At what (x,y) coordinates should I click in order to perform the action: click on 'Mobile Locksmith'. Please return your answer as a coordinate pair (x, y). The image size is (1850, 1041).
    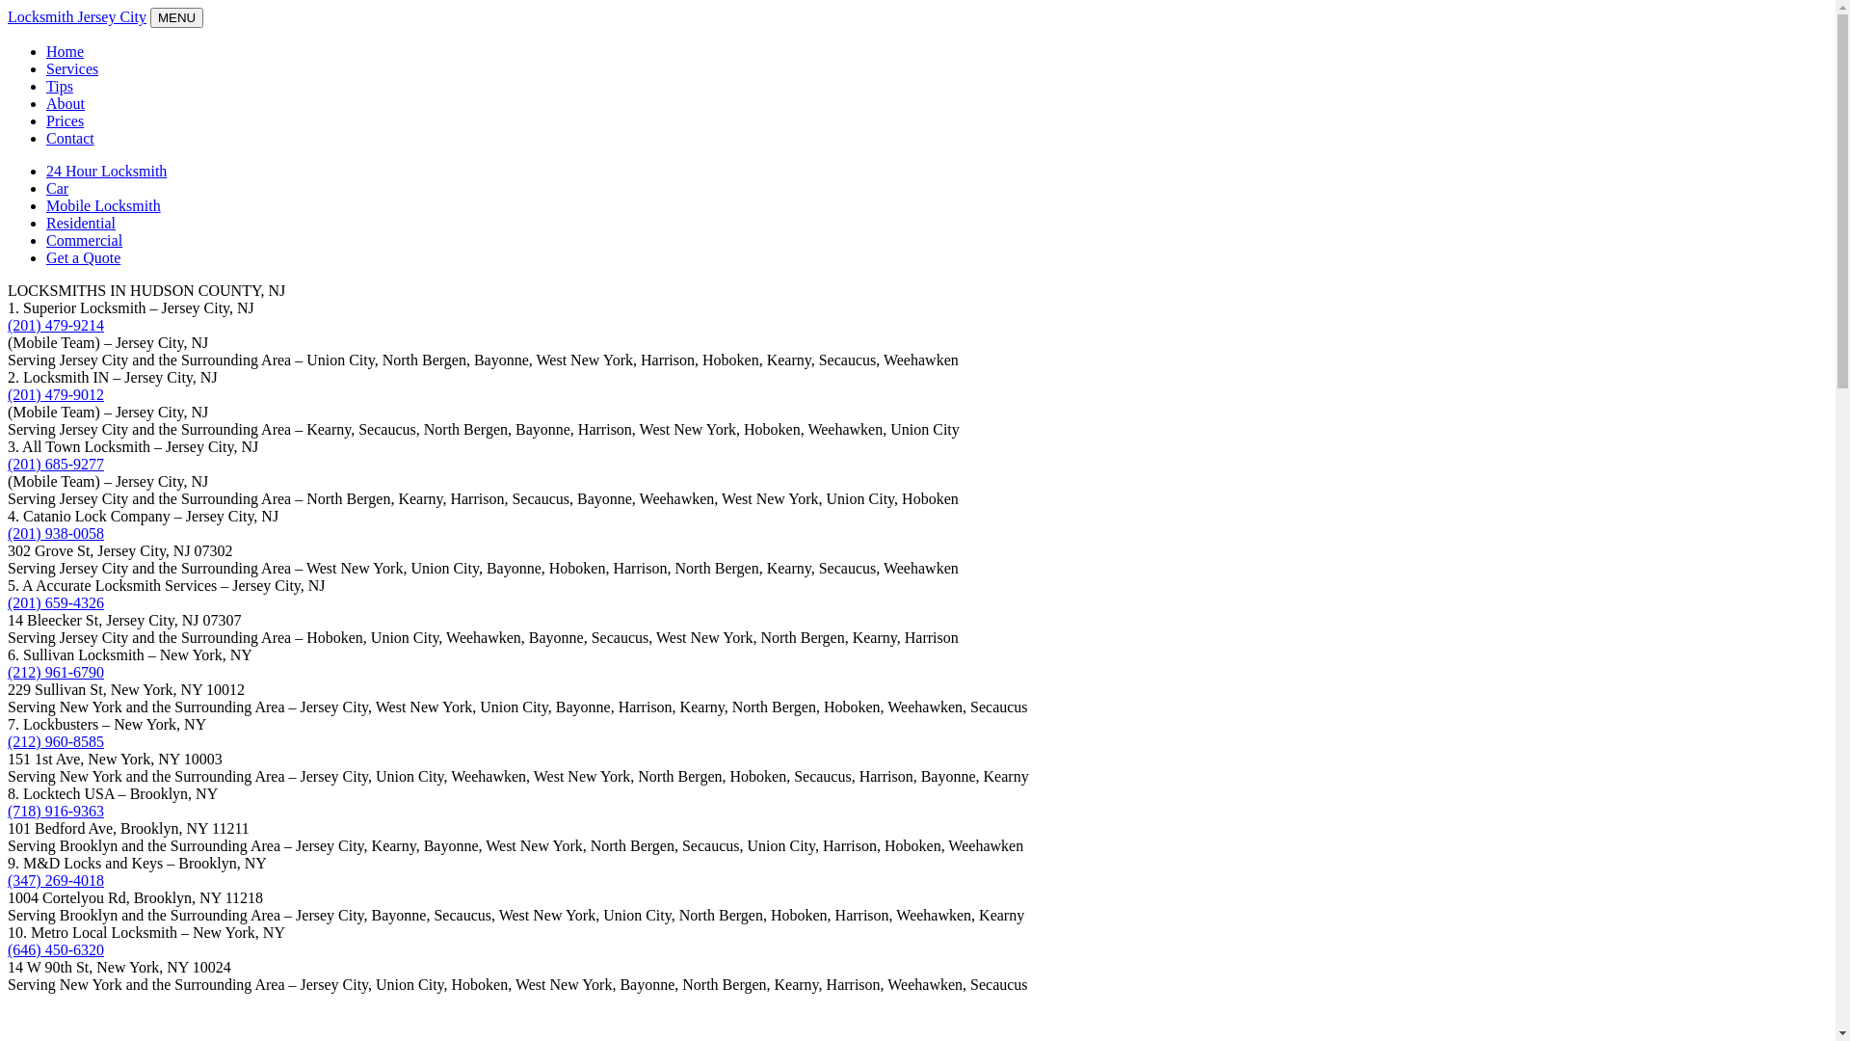
    Looking at the image, I should click on (102, 205).